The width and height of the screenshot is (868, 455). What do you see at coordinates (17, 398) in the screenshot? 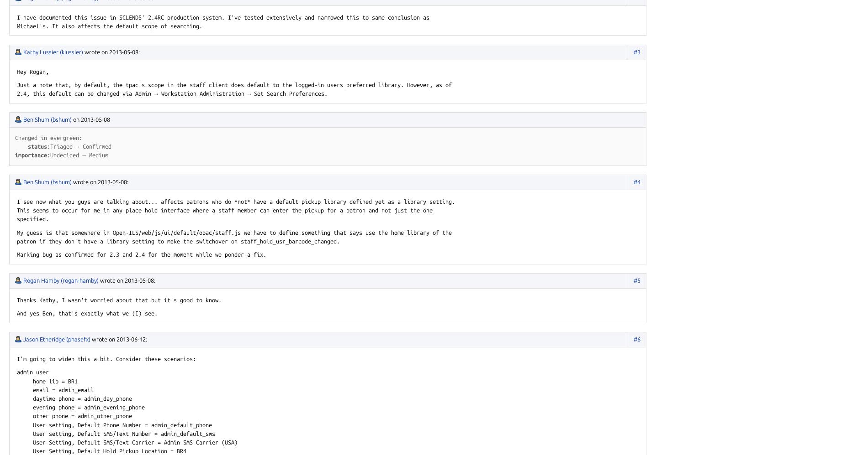
I see `'daytime phone = admin_day_phone'` at bounding box center [17, 398].